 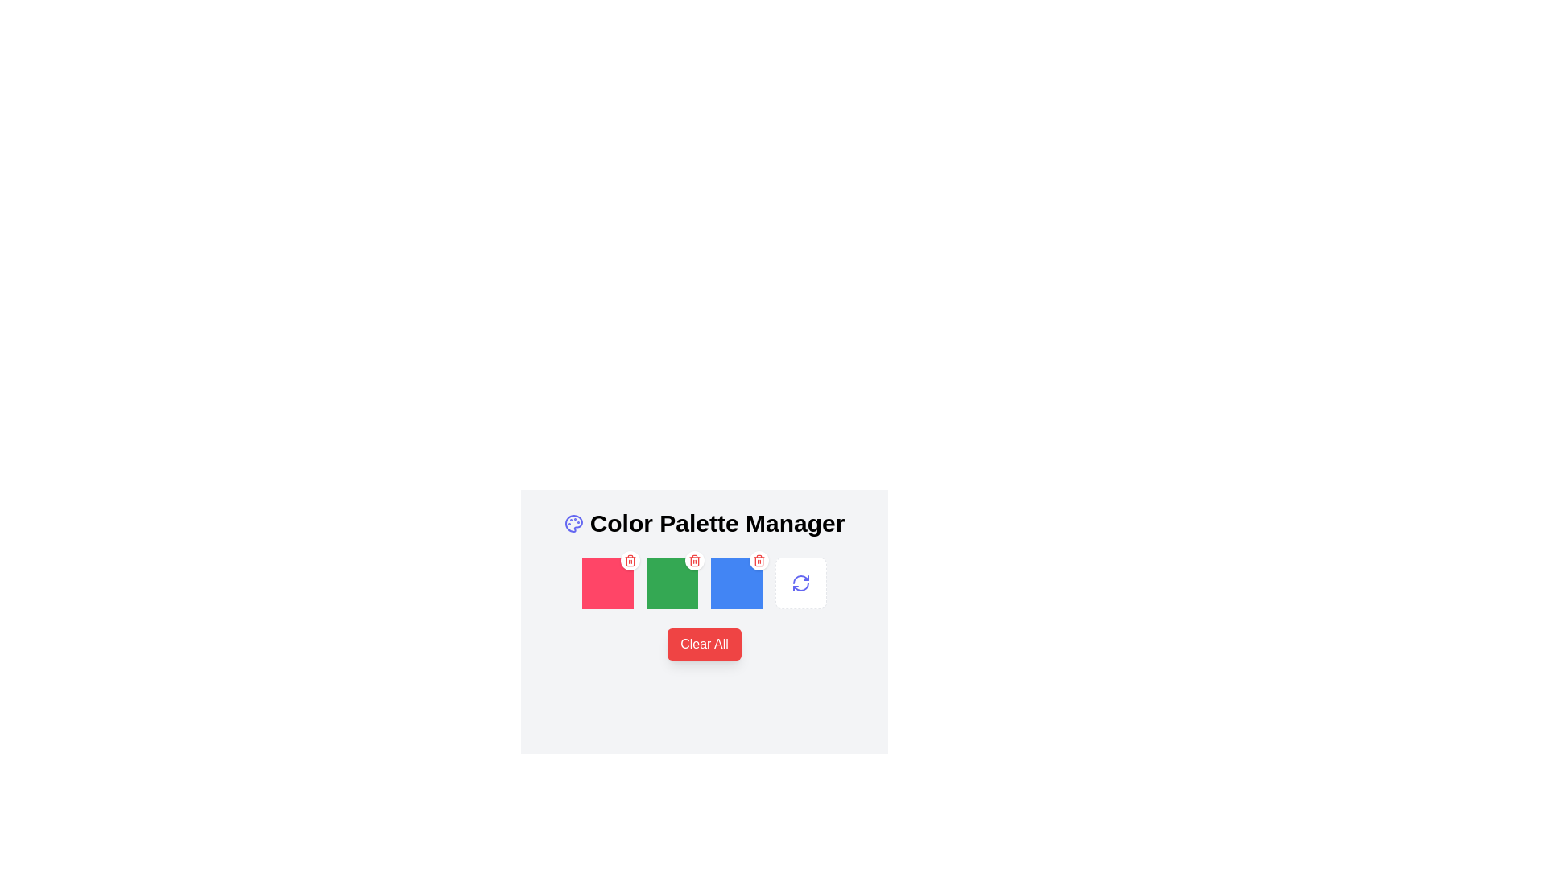 I want to click on the small circular button with a white background and red trash can icon, located near the top-right corner of the green color swatch, to possibly reveal additional information, so click(x=695, y=560).